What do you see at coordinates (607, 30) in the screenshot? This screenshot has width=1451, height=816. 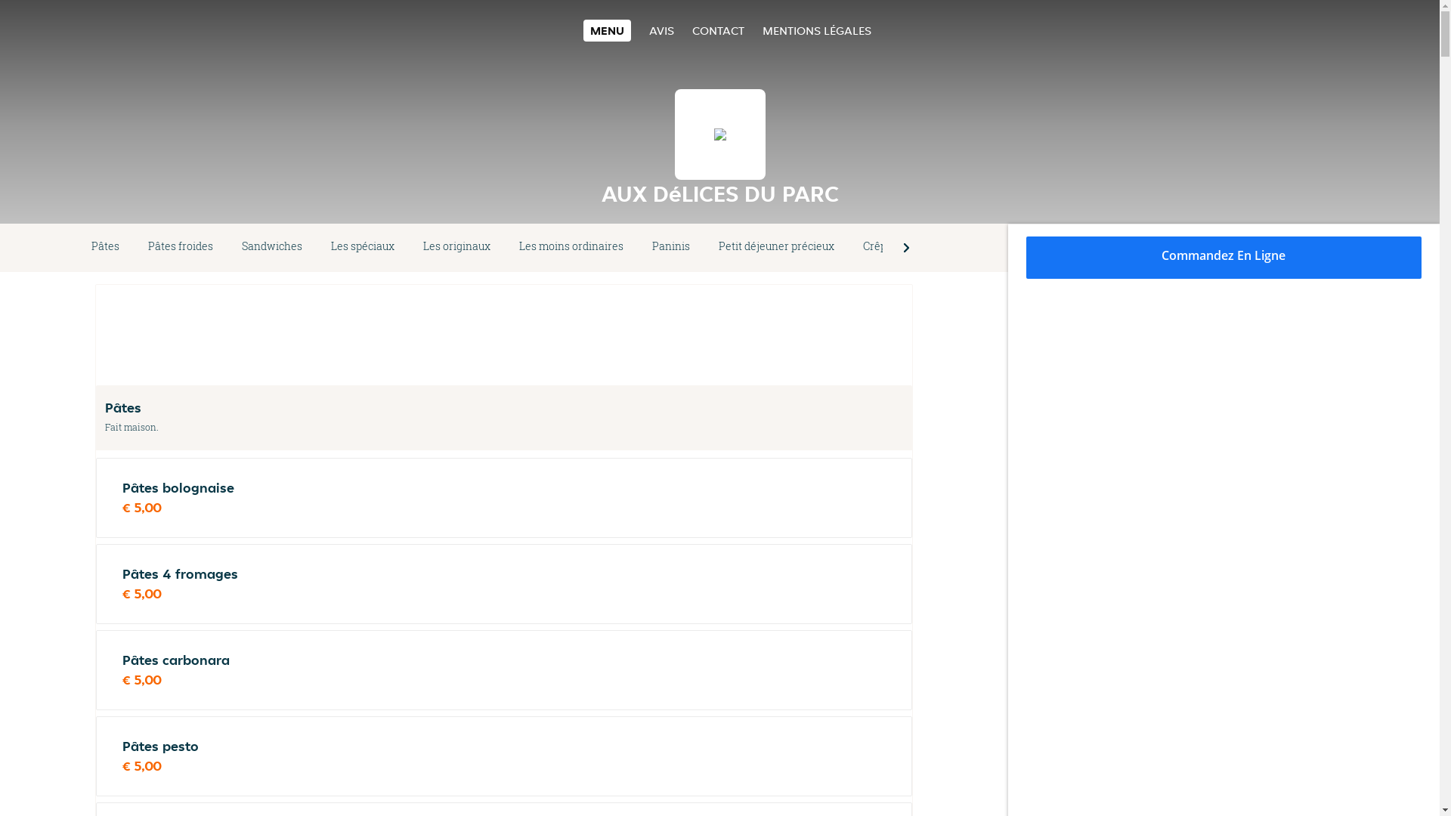 I see `'MENU'` at bounding box center [607, 30].